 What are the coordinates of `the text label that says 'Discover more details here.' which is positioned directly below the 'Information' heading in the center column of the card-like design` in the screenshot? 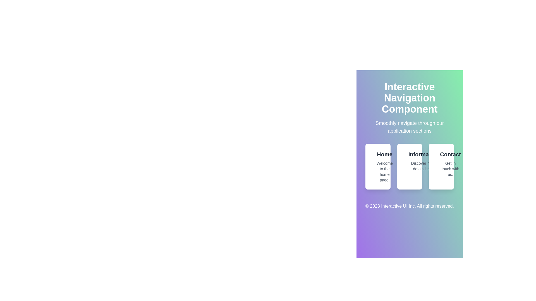 It's located at (423, 166).